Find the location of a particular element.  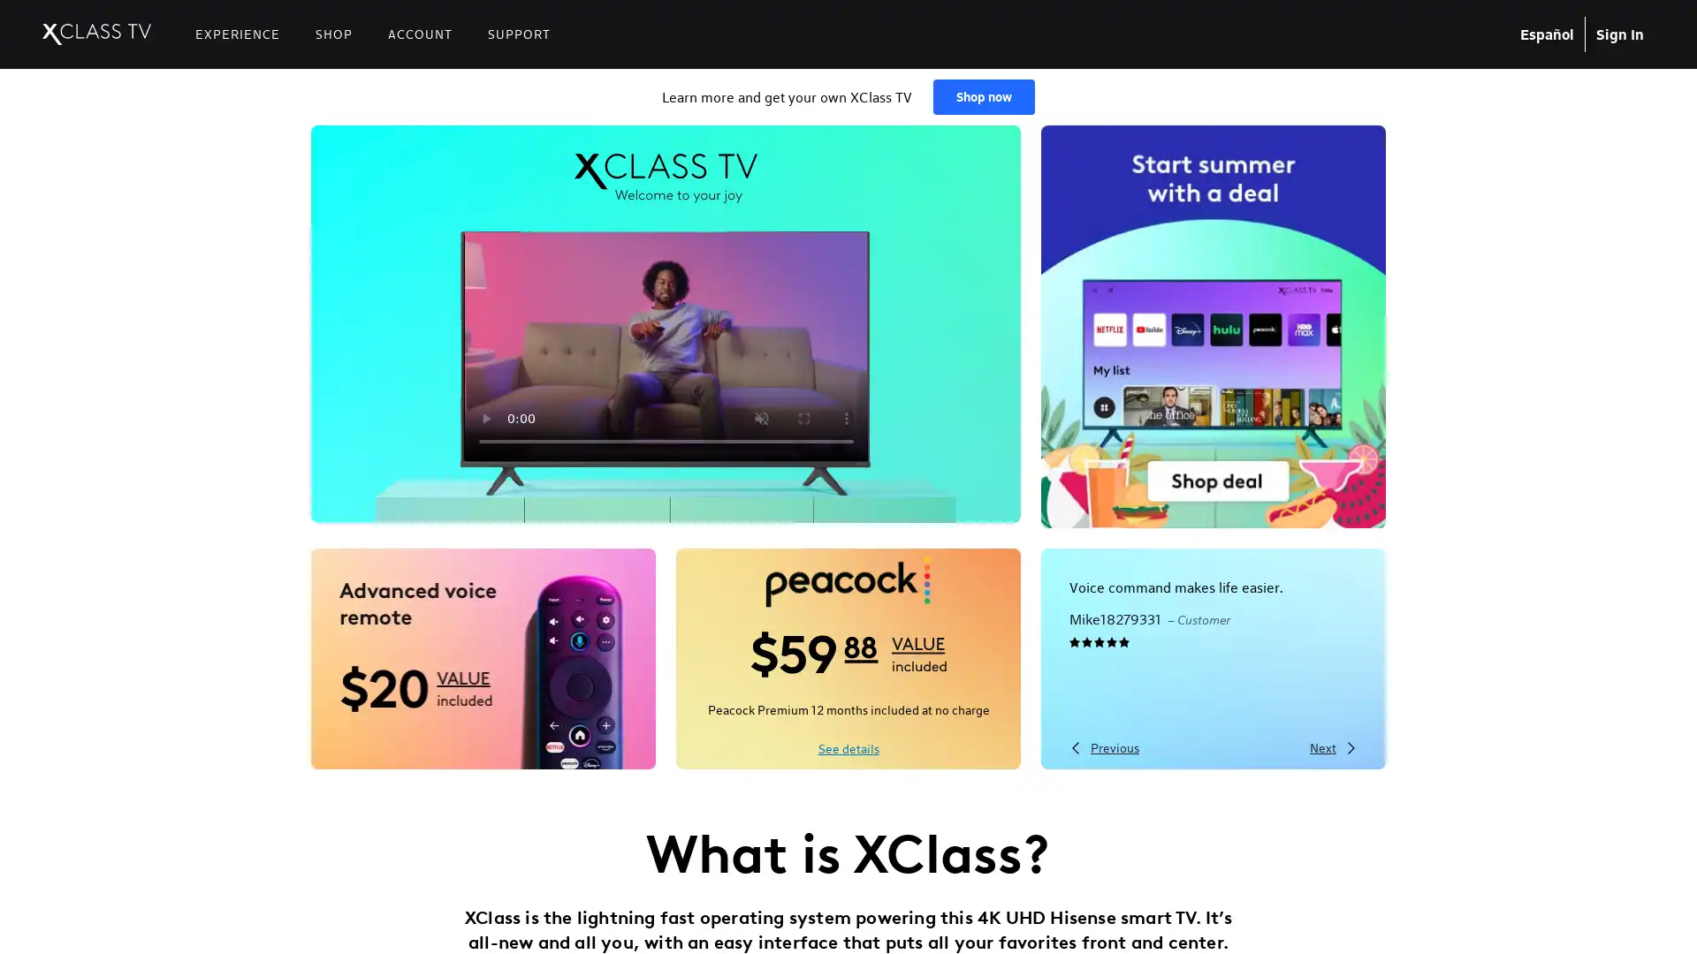

play is located at coordinates (484, 419).